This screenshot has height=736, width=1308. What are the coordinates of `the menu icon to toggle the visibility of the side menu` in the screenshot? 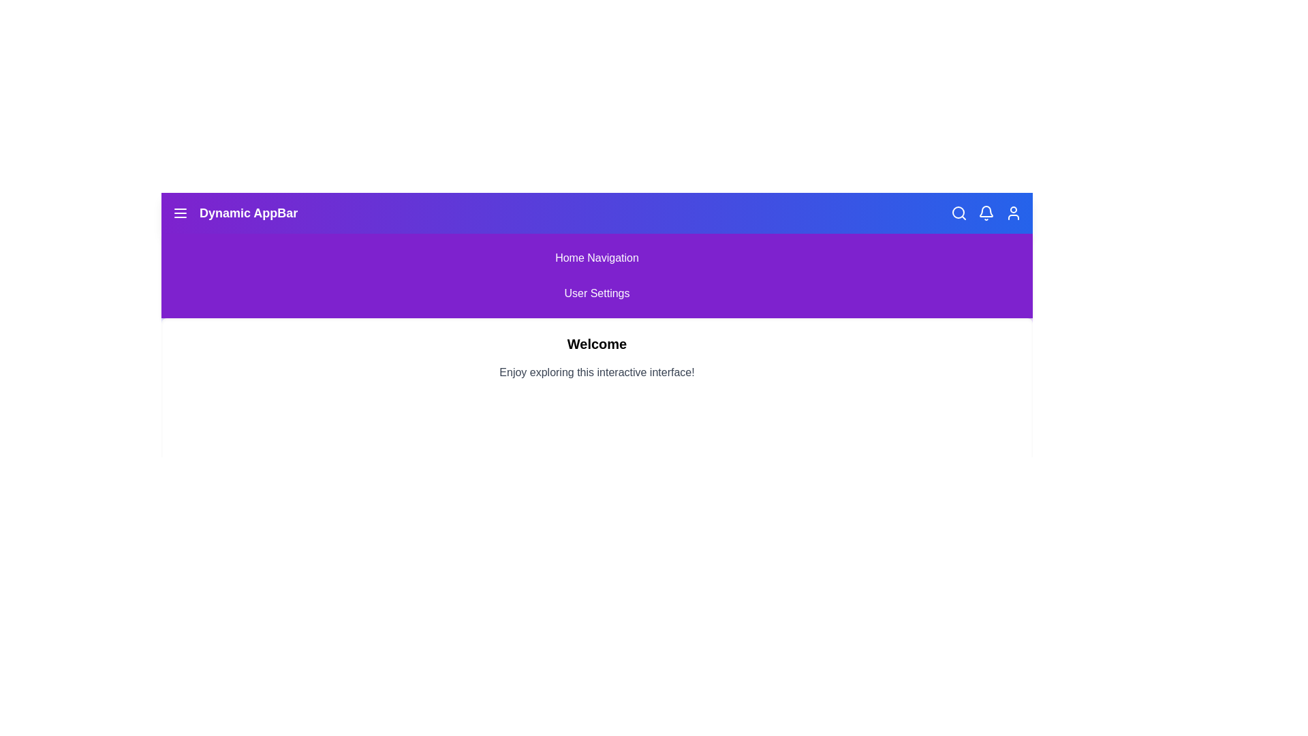 It's located at (179, 213).